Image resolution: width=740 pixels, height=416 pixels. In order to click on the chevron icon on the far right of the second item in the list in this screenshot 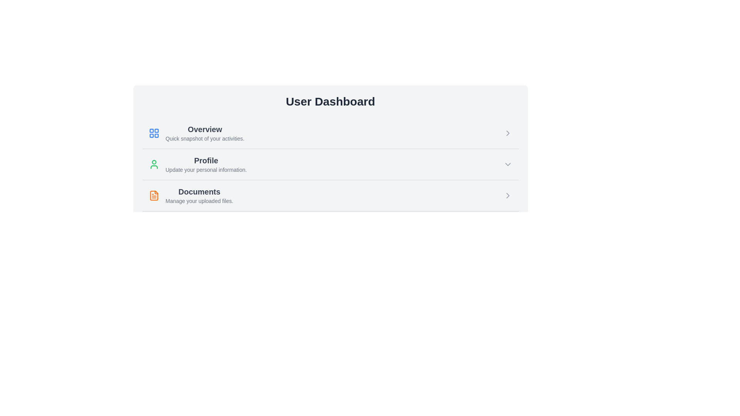, I will do `click(508, 164)`.